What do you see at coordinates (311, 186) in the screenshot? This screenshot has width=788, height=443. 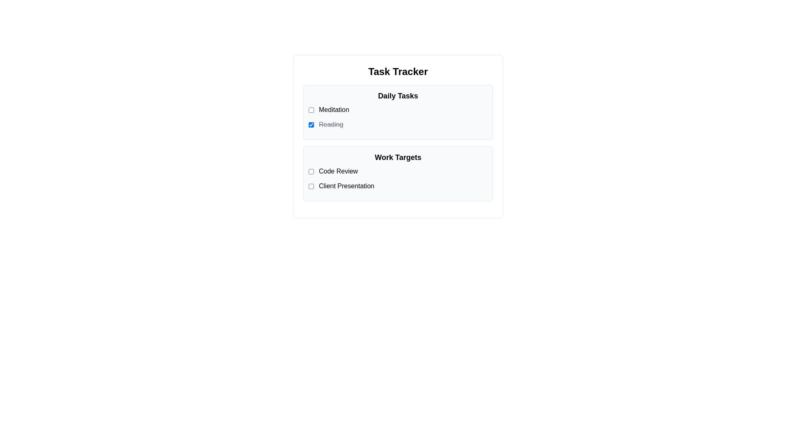 I see `the checkbox for the task 'Client Presentation'` at bounding box center [311, 186].